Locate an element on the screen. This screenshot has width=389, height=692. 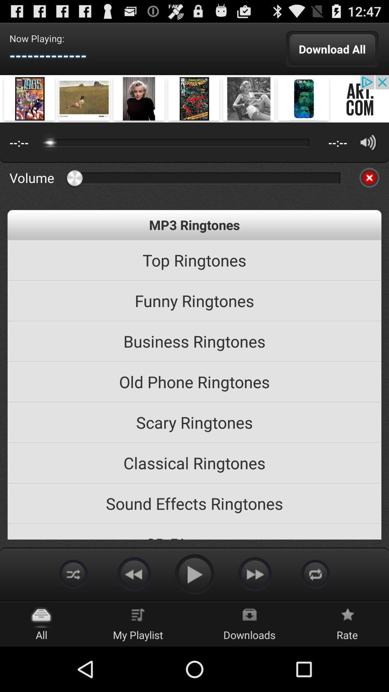
the option is located at coordinates (369, 178).